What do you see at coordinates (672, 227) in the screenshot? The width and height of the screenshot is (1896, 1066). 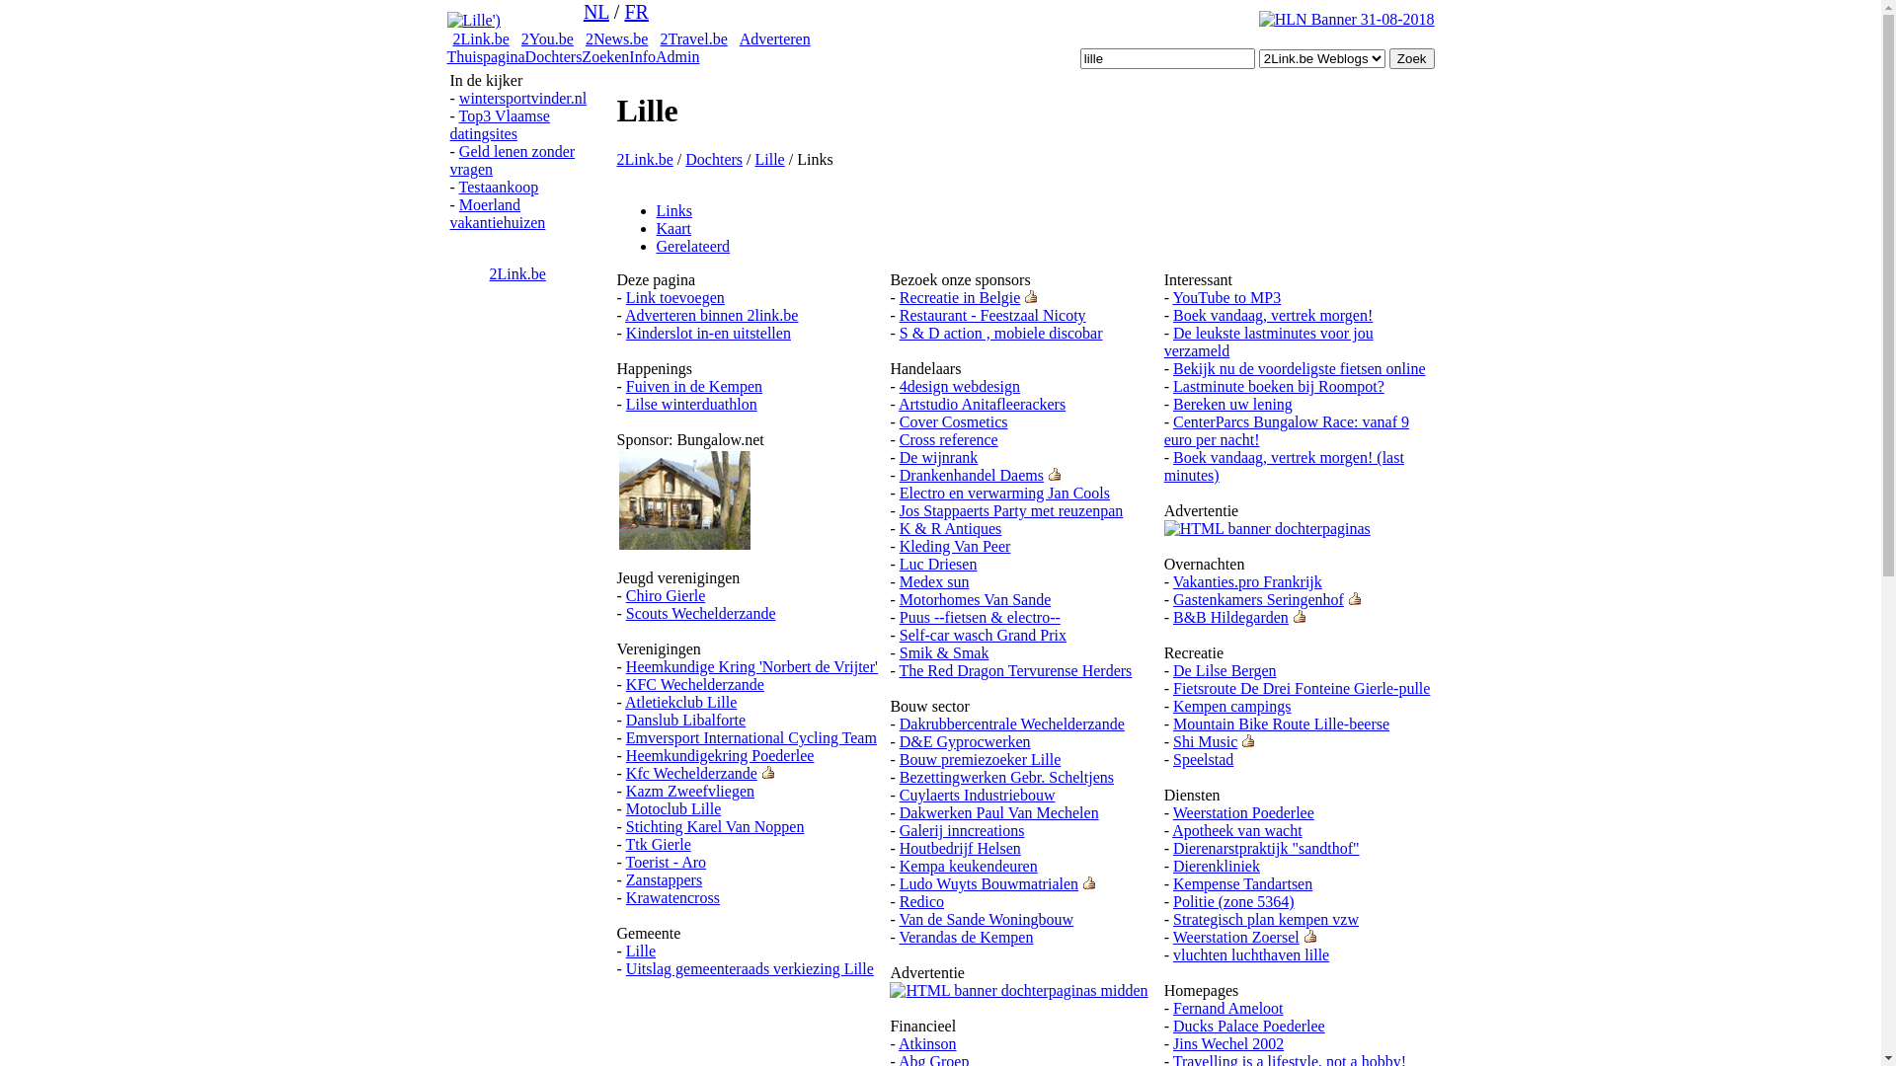 I see `'Kaart'` at bounding box center [672, 227].